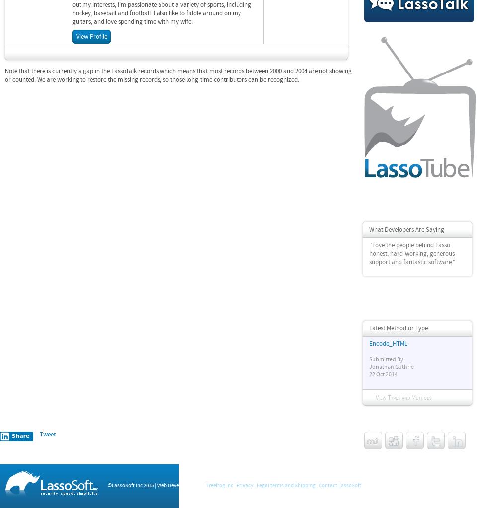  Describe the element at coordinates (412, 253) in the screenshot. I see `'"Love the people behind Lasso honest, hard-working, generous support and fantastic software."'` at that location.